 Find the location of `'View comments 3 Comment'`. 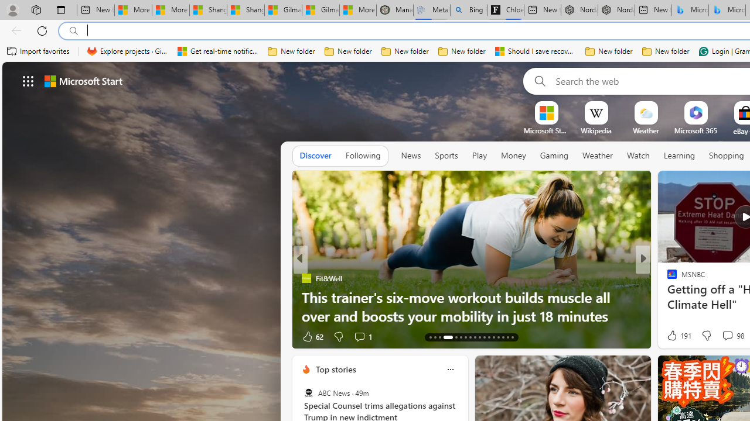

'View comments 3 Comment' is located at coordinates (727, 336).